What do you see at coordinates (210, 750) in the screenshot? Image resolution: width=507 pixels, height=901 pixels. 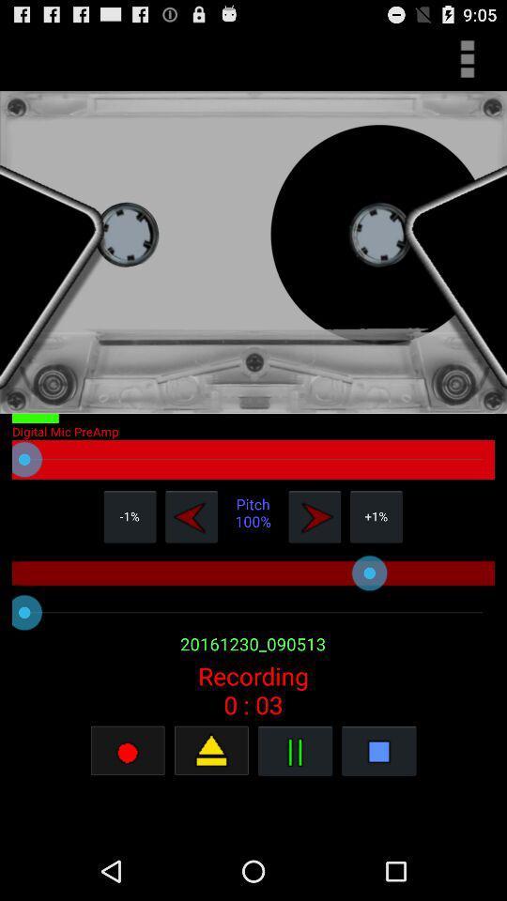 I see `click the open option` at bounding box center [210, 750].